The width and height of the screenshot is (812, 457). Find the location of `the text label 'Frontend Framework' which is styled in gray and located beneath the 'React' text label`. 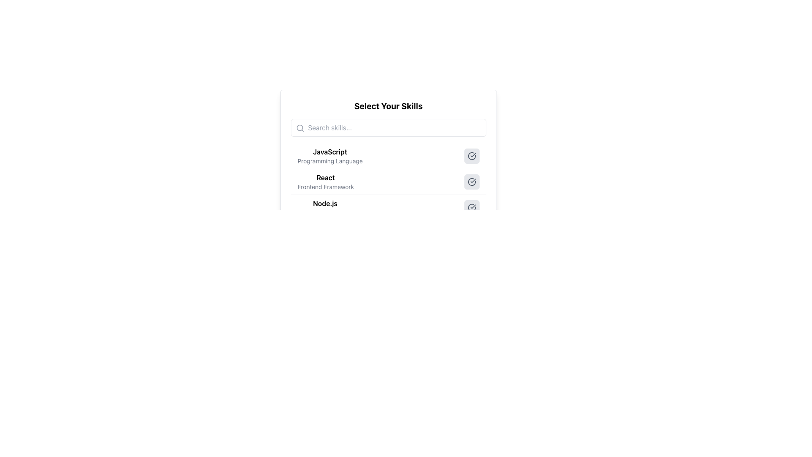

the text label 'Frontend Framework' which is styled in gray and located beneath the 'React' text label is located at coordinates (325, 187).